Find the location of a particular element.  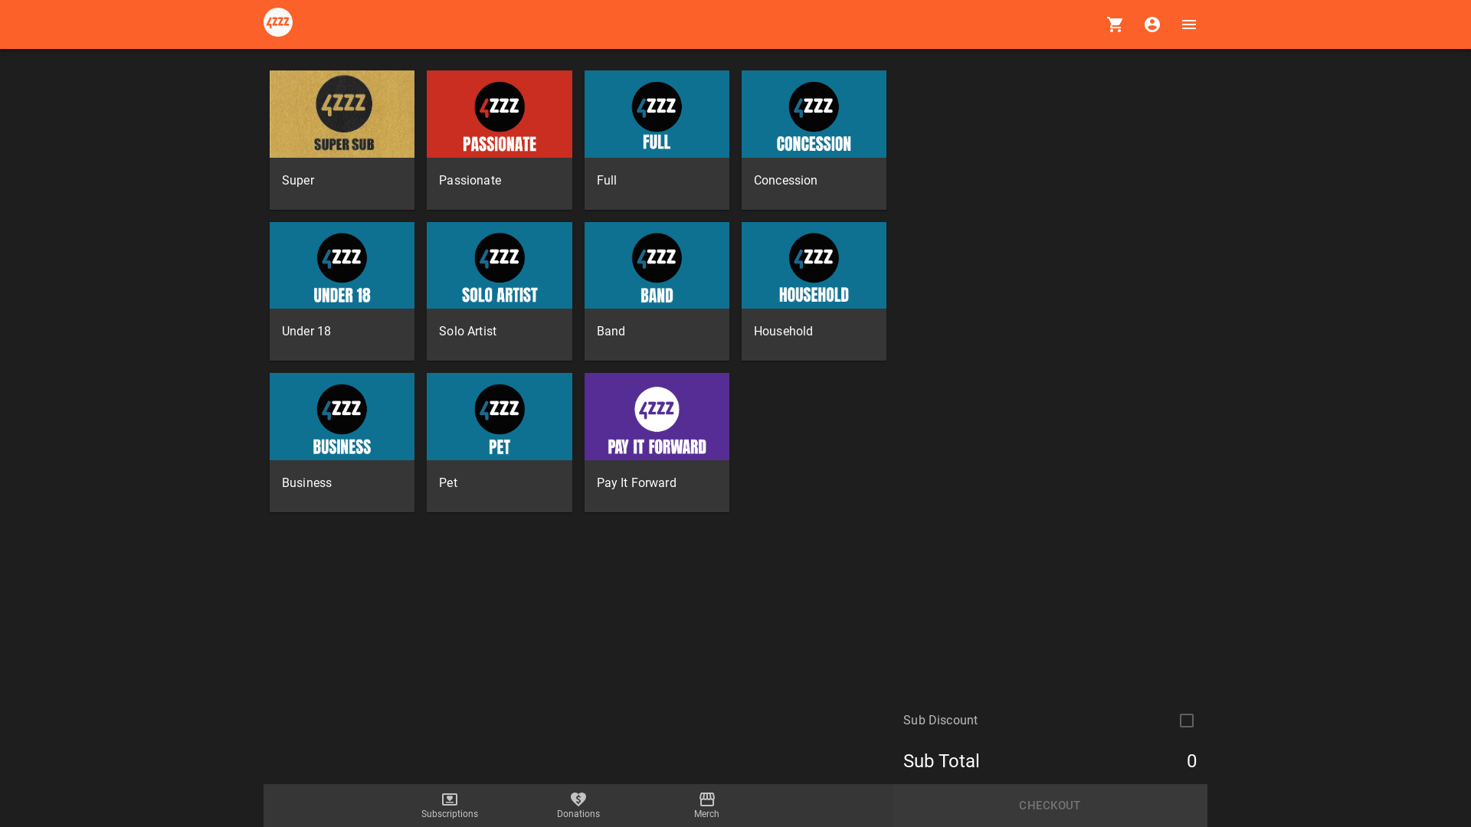

'Super' is located at coordinates (341, 139).